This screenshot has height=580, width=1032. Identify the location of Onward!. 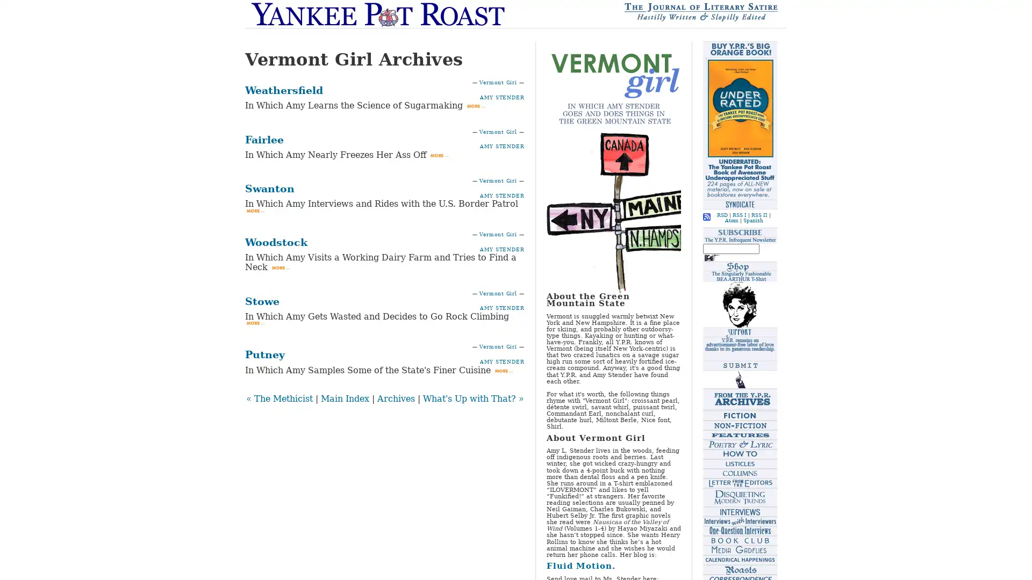
(712, 257).